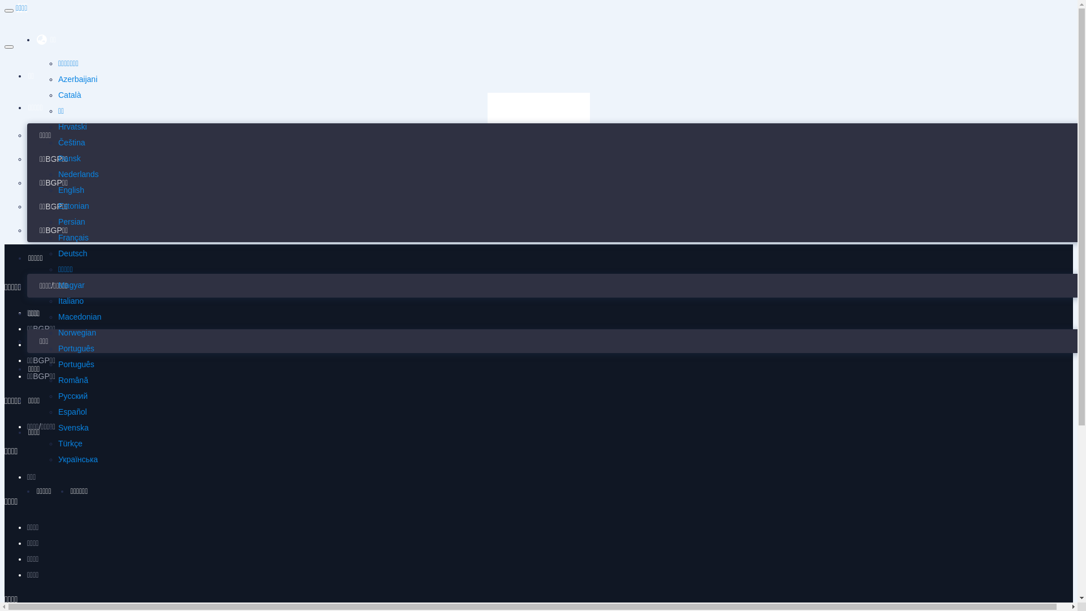 The width and height of the screenshot is (1086, 611). What do you see at coordinates (57, 428) in the screenshot?
I see `'Svenska'` at bounding box center [57, 428].